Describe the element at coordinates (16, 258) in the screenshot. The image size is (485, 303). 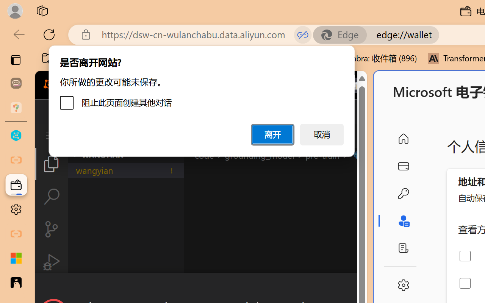
I see `'Adjust indents and spacing - Microsoft Support'` at that location.